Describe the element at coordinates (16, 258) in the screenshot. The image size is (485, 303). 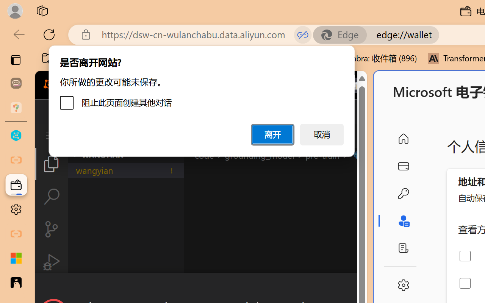
I see `'Adjust indents and spacing - Microsoft Support'` at that location.